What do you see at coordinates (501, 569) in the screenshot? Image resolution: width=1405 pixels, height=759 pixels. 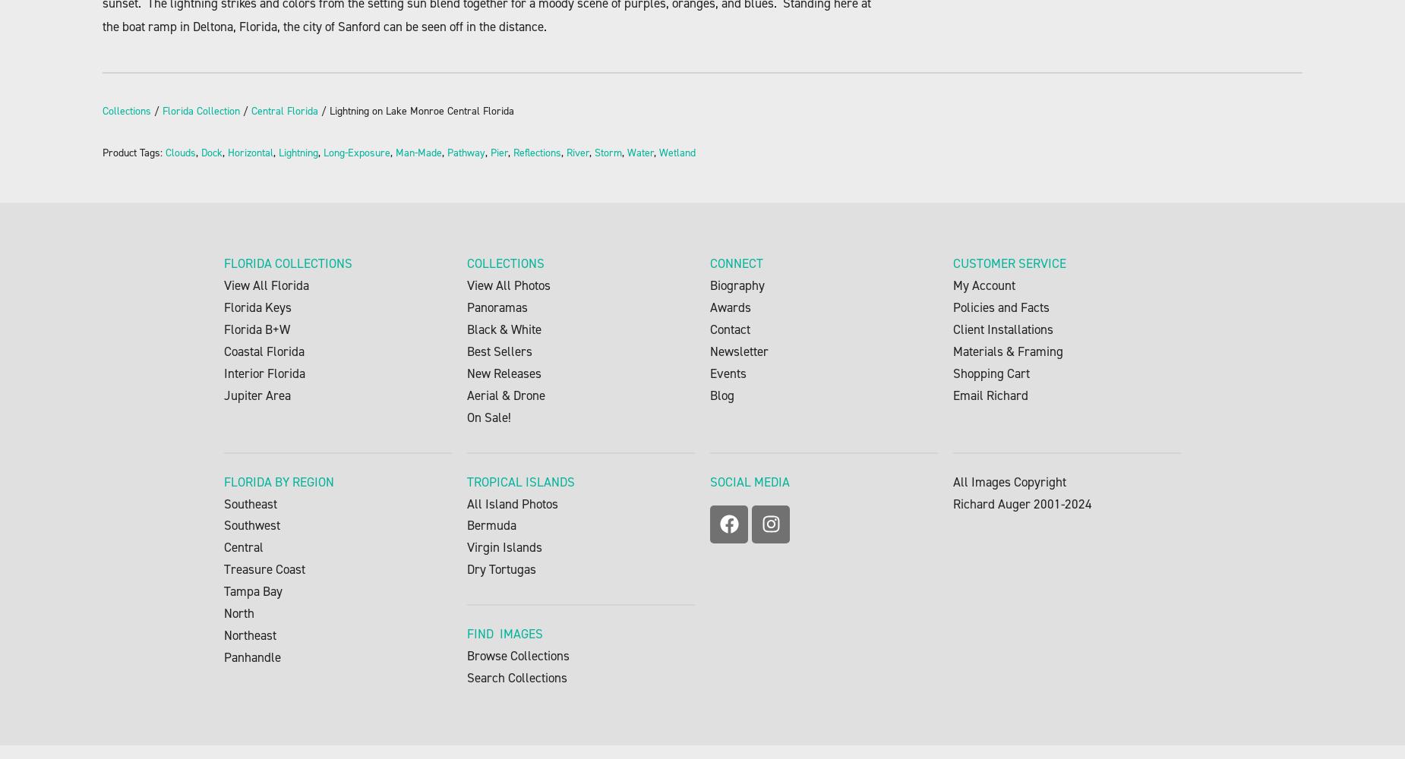 I see `'Dry Tortugas'` at bounding box center [501, 569].